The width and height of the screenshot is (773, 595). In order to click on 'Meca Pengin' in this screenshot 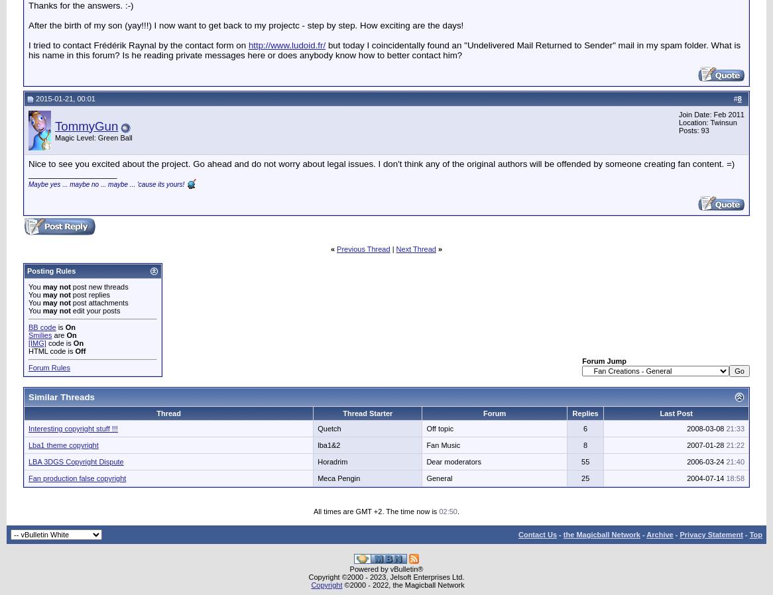, I will do `click(317, 478)`.